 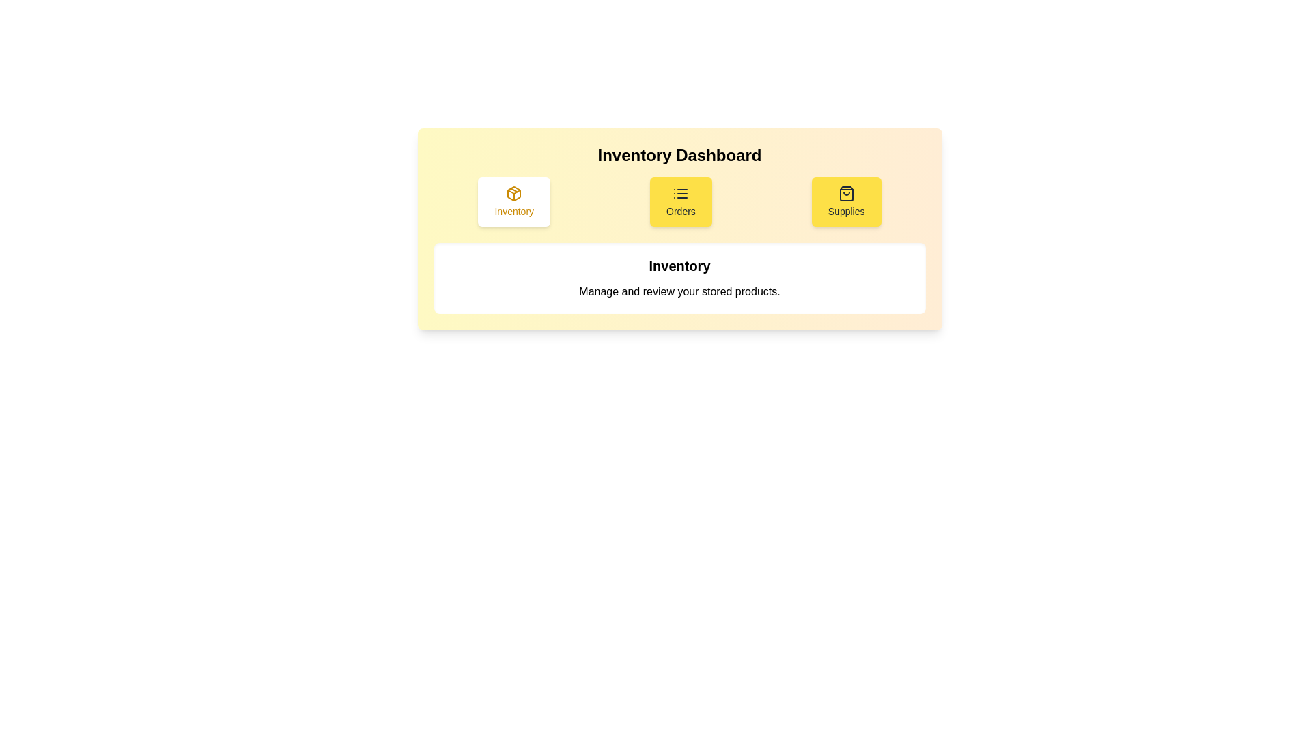 I want to click on the Orders button to select the corresponding tab, so click(x=681, y=202).